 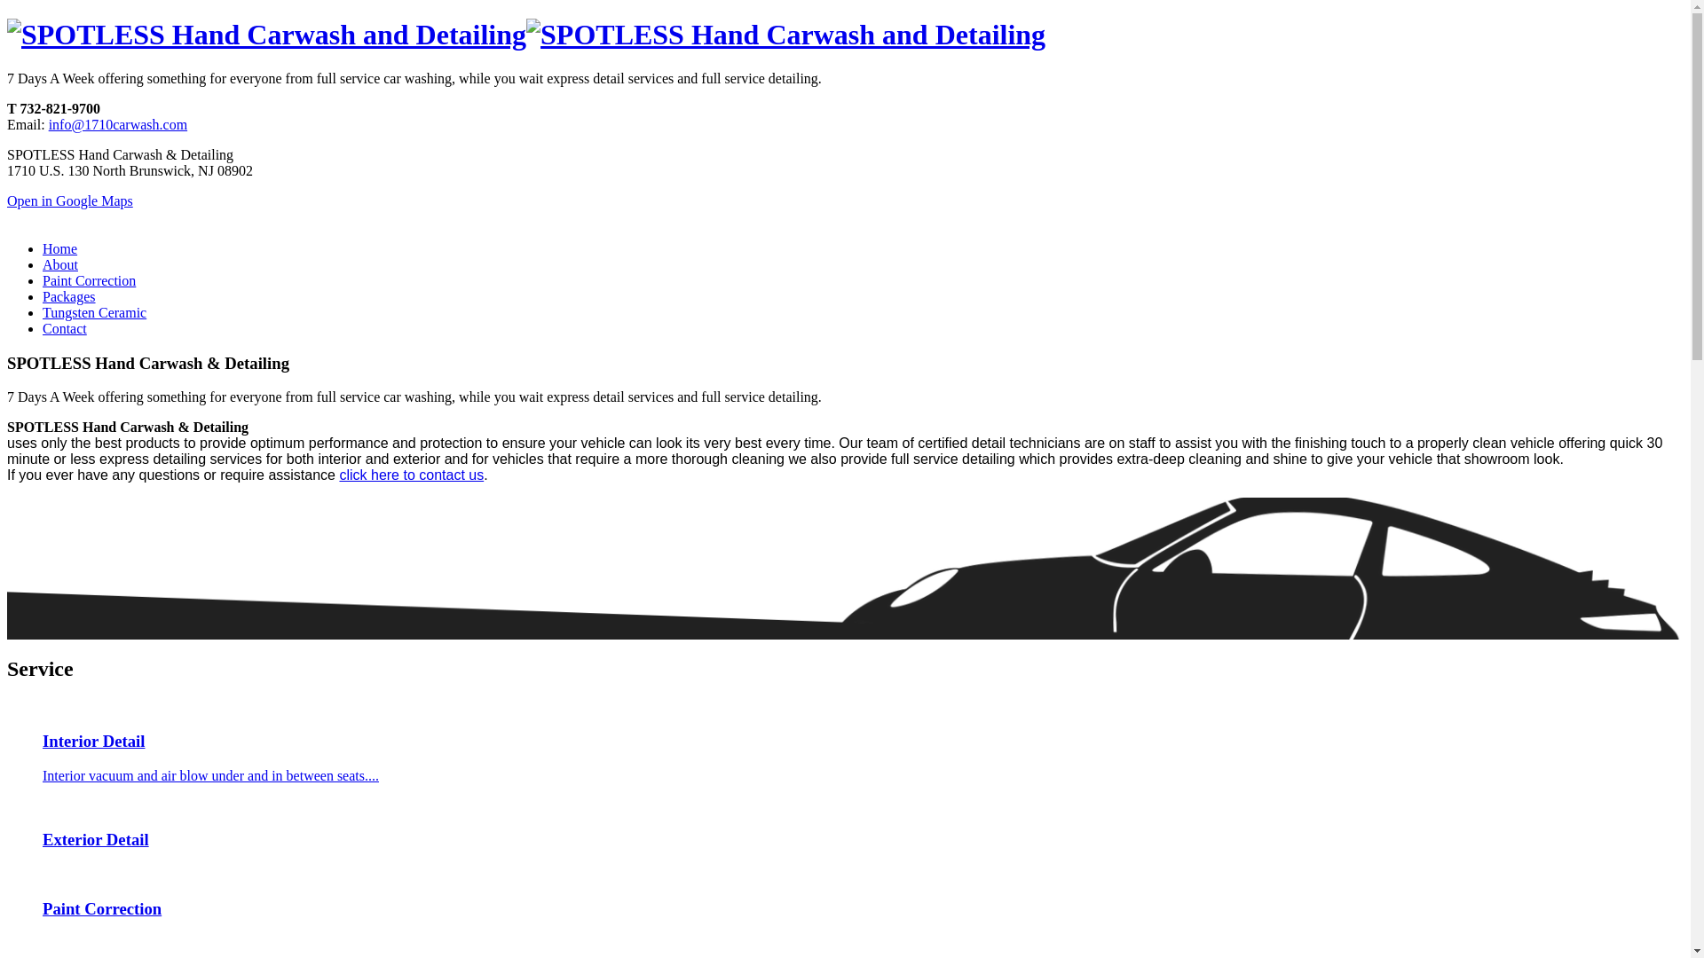 I want to click on 'Paint Correction', so click(x=88, y=279).